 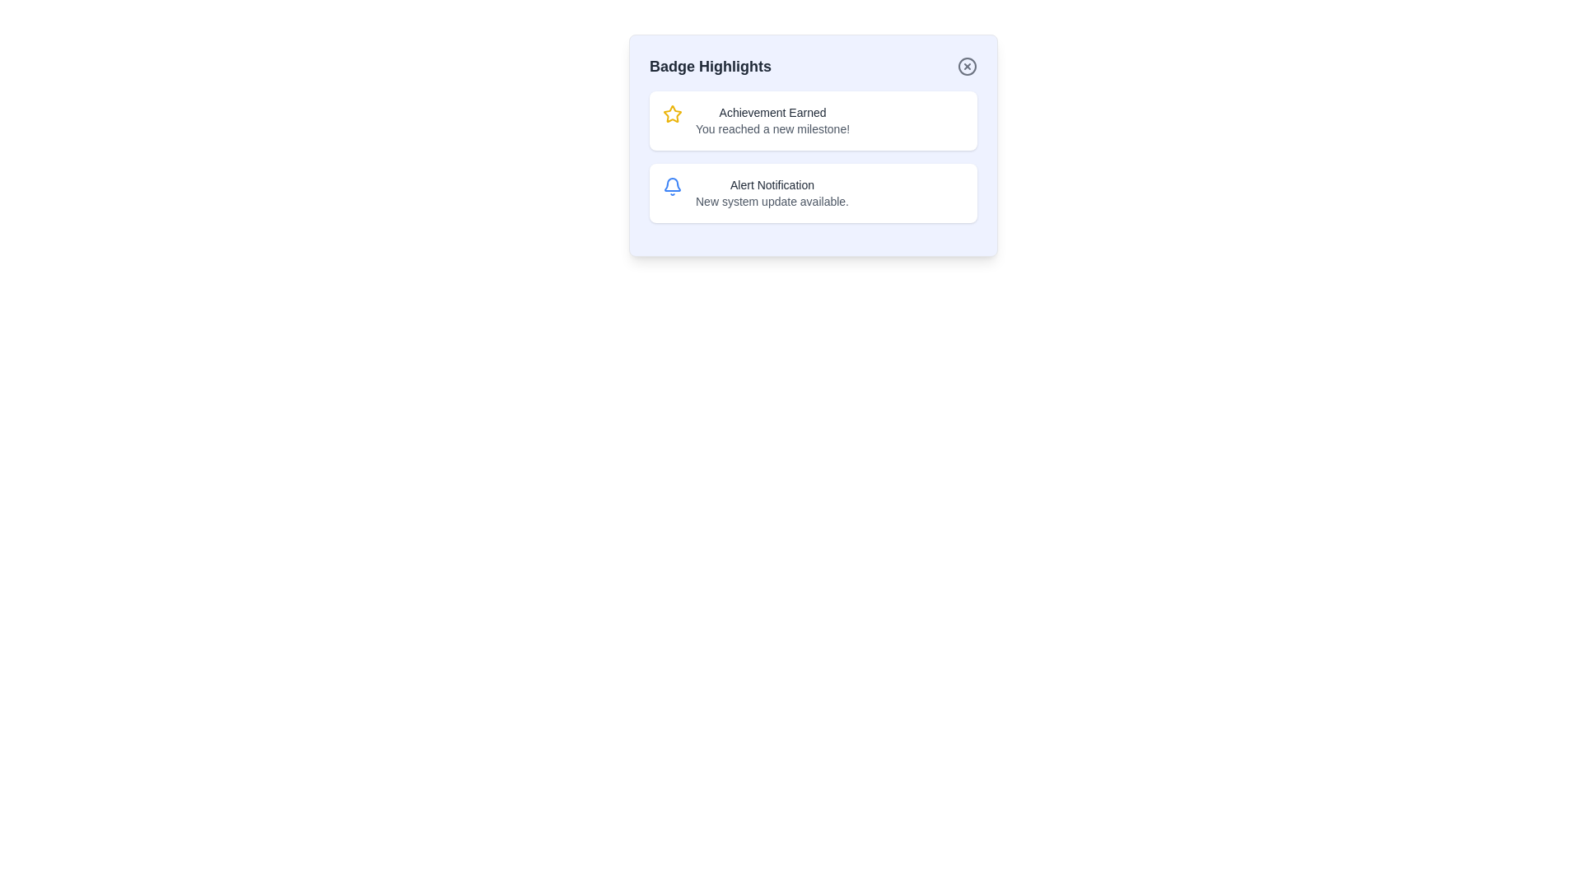 I want to click on the static text block displaying 'Achievement Earned' in the notification box located in the 'Badge Highlights' section, so click(x=772, y=119).